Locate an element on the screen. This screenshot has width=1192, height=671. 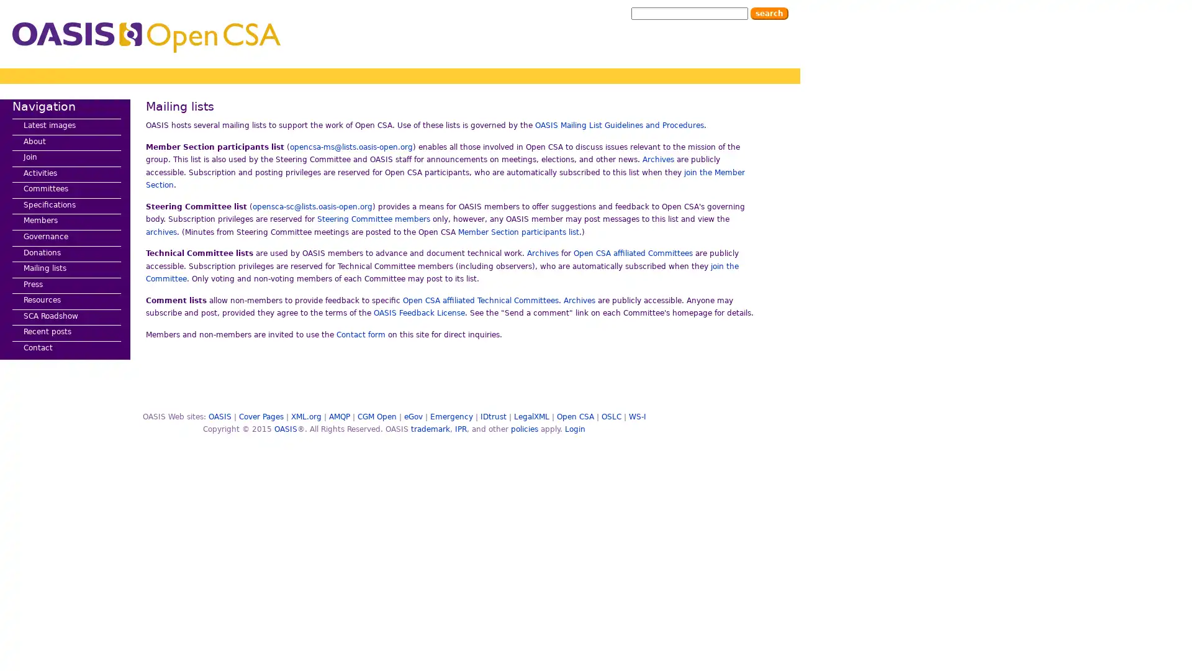
Search is located at coordinates (769, 14).